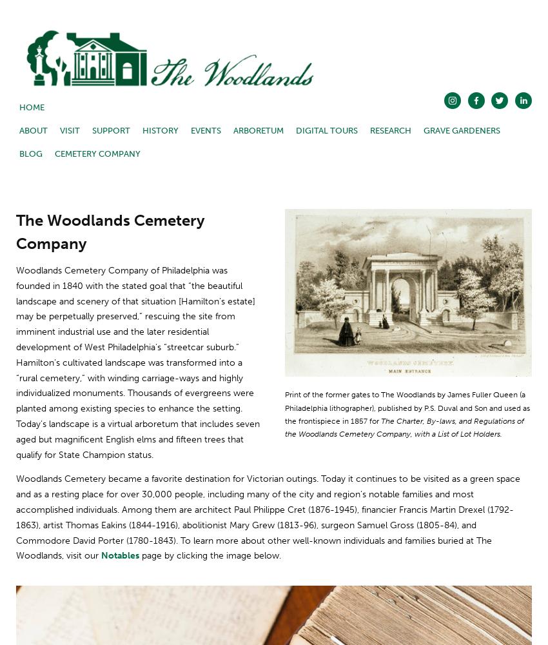 The image size is (548, 645). I want to click on 'Print of the former gates to The Woodlands by James Fuller Queen (a Philadelphia lithographer), published by P.S. Duval and Son and used as the frontispiece in 1857 for', so click(407, 408).